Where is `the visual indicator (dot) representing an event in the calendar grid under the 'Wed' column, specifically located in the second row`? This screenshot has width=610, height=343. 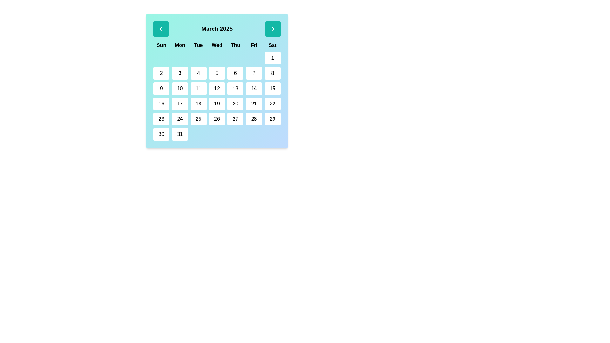
the visual indicator (dot) representing an event in the calendar grid under the 'Wed' column, specifically located in the second row is located at coordinates (217, 58).